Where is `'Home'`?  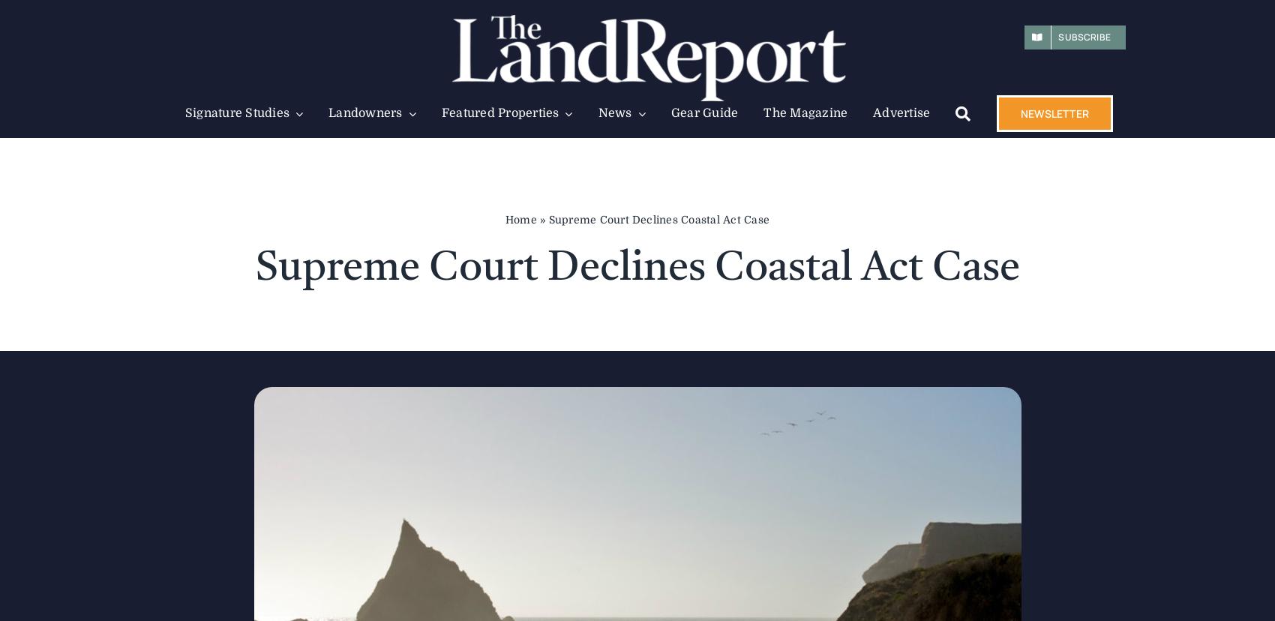
'Home' is located at coordinates (505, 219).